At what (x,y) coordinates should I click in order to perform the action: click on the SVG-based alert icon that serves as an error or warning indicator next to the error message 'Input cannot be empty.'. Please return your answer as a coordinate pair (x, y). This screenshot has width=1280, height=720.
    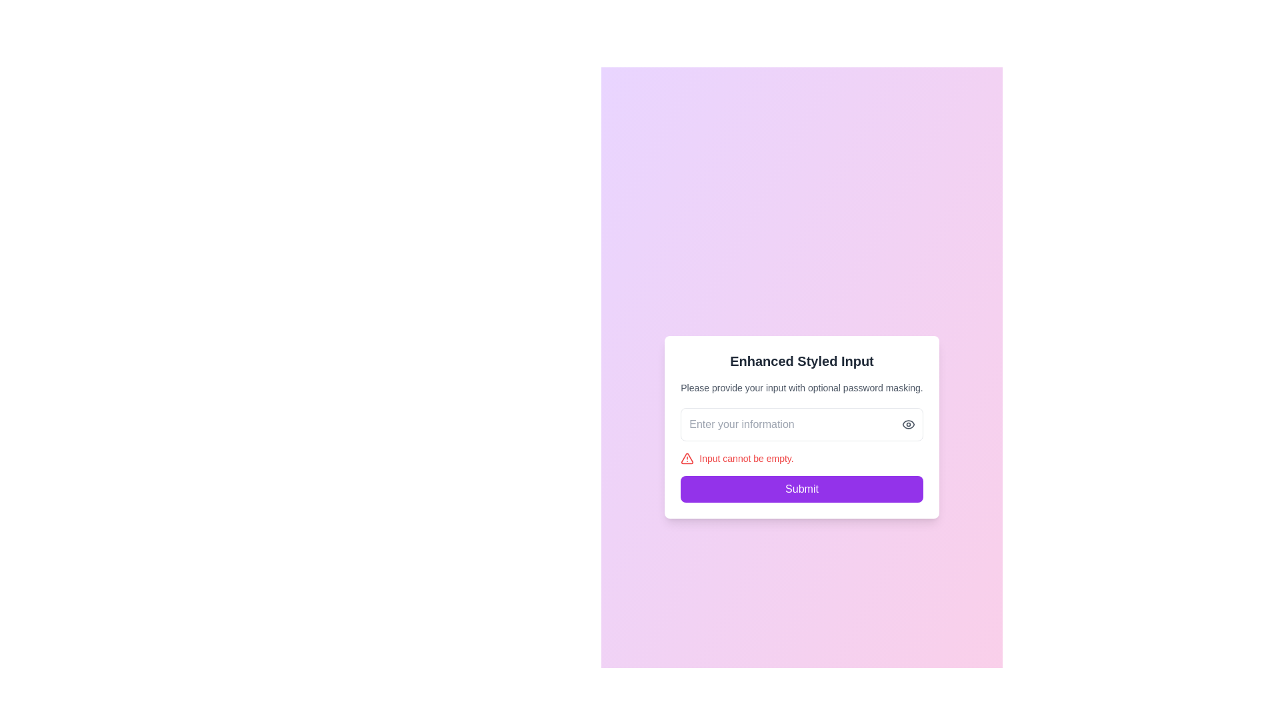
    Looking at the image, I should click on (687, 457).